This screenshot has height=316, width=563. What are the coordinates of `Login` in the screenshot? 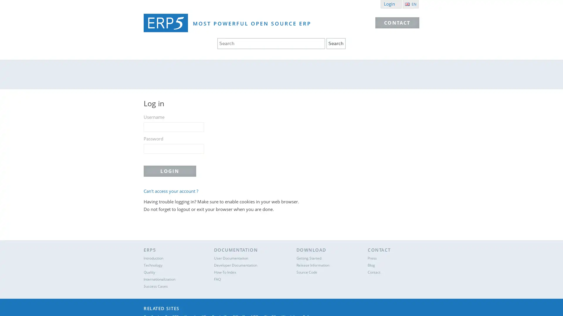 It's located at (169, 171).